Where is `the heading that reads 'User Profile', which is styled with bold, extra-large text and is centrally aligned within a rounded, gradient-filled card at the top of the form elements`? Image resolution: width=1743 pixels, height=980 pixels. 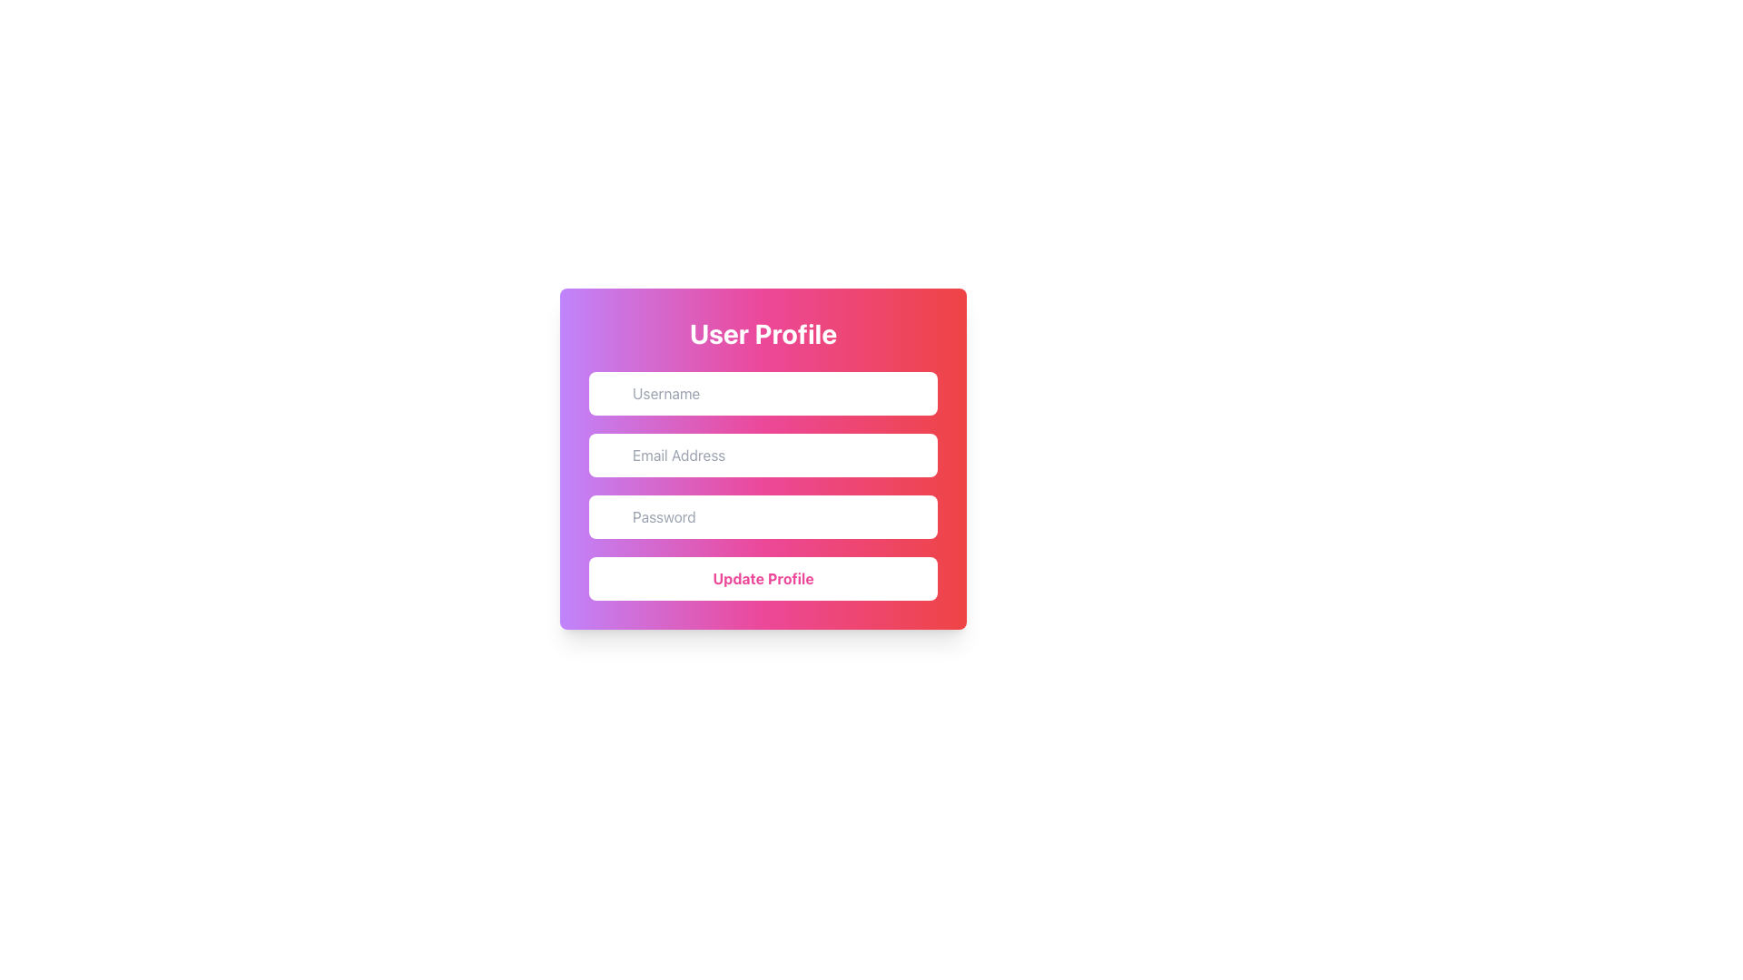
the heading that reads 'User Profile', which is styled with bold, extra-large text and is centrally aligned within a rounded, gradient-filled card at the top of the form elements is located at coordinates (763, 333).